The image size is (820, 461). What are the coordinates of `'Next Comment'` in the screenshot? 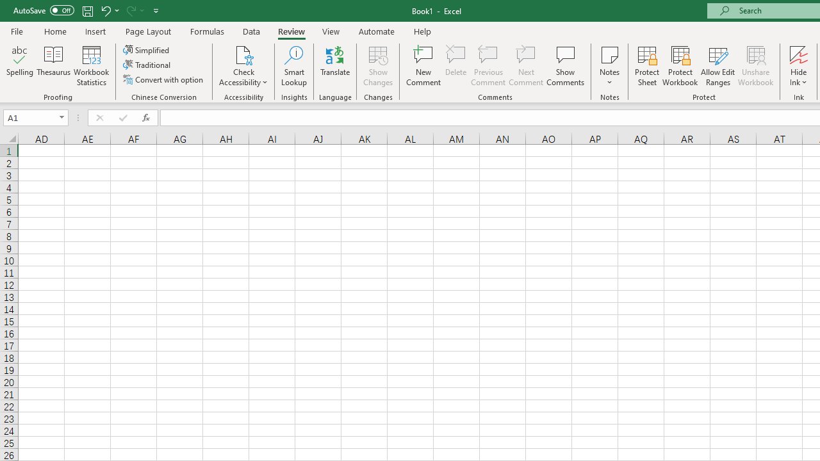 It's located at (526, 66).